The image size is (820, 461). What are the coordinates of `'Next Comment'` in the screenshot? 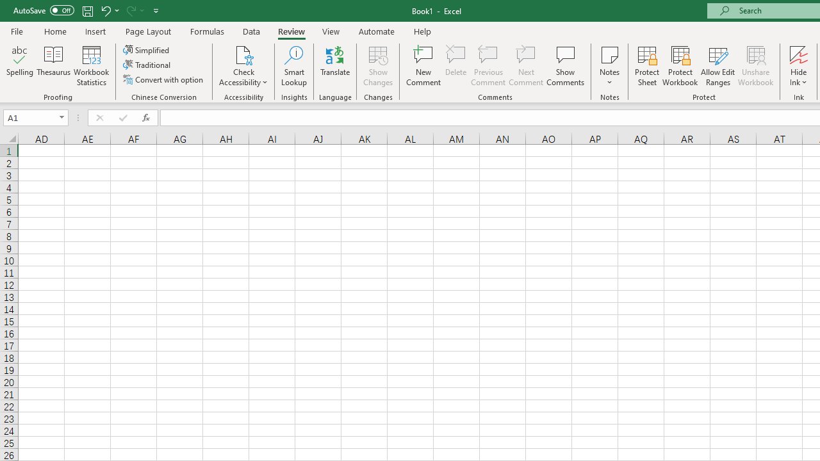 It's located at (526, 66).